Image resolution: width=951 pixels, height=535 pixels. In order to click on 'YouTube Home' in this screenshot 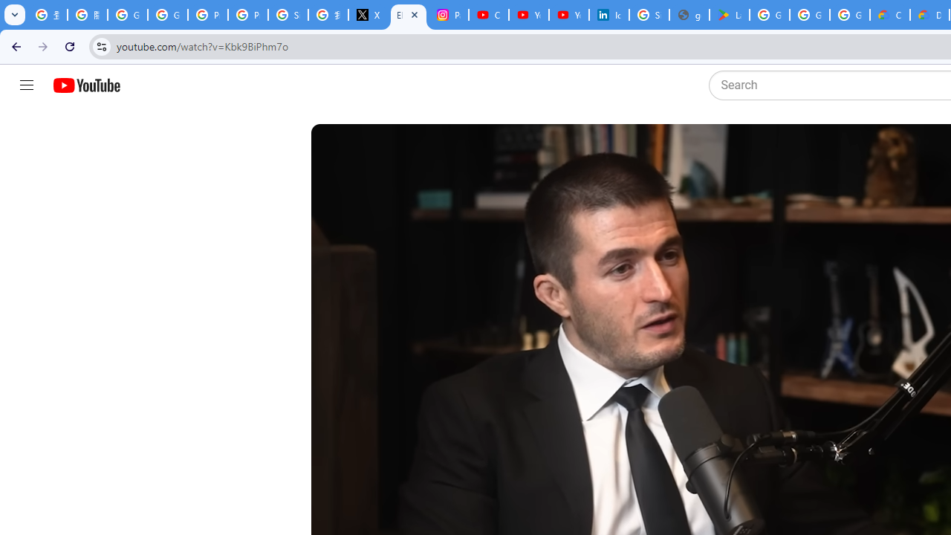, I will do `click(85, 85)`.